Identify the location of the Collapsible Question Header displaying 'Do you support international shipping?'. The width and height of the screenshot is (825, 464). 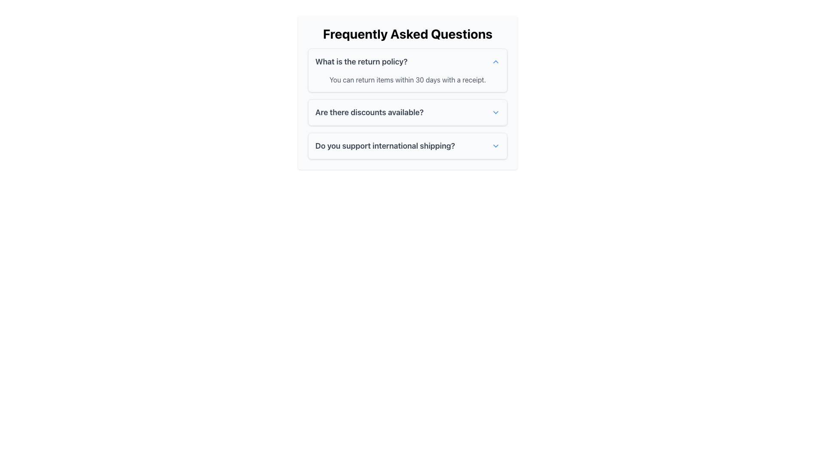
(407, 145).